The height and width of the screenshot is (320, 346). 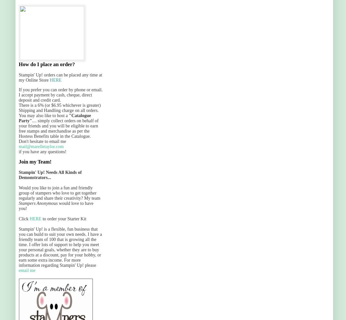 I want to click on 'would love to have you!', so click(x=56, y=206).